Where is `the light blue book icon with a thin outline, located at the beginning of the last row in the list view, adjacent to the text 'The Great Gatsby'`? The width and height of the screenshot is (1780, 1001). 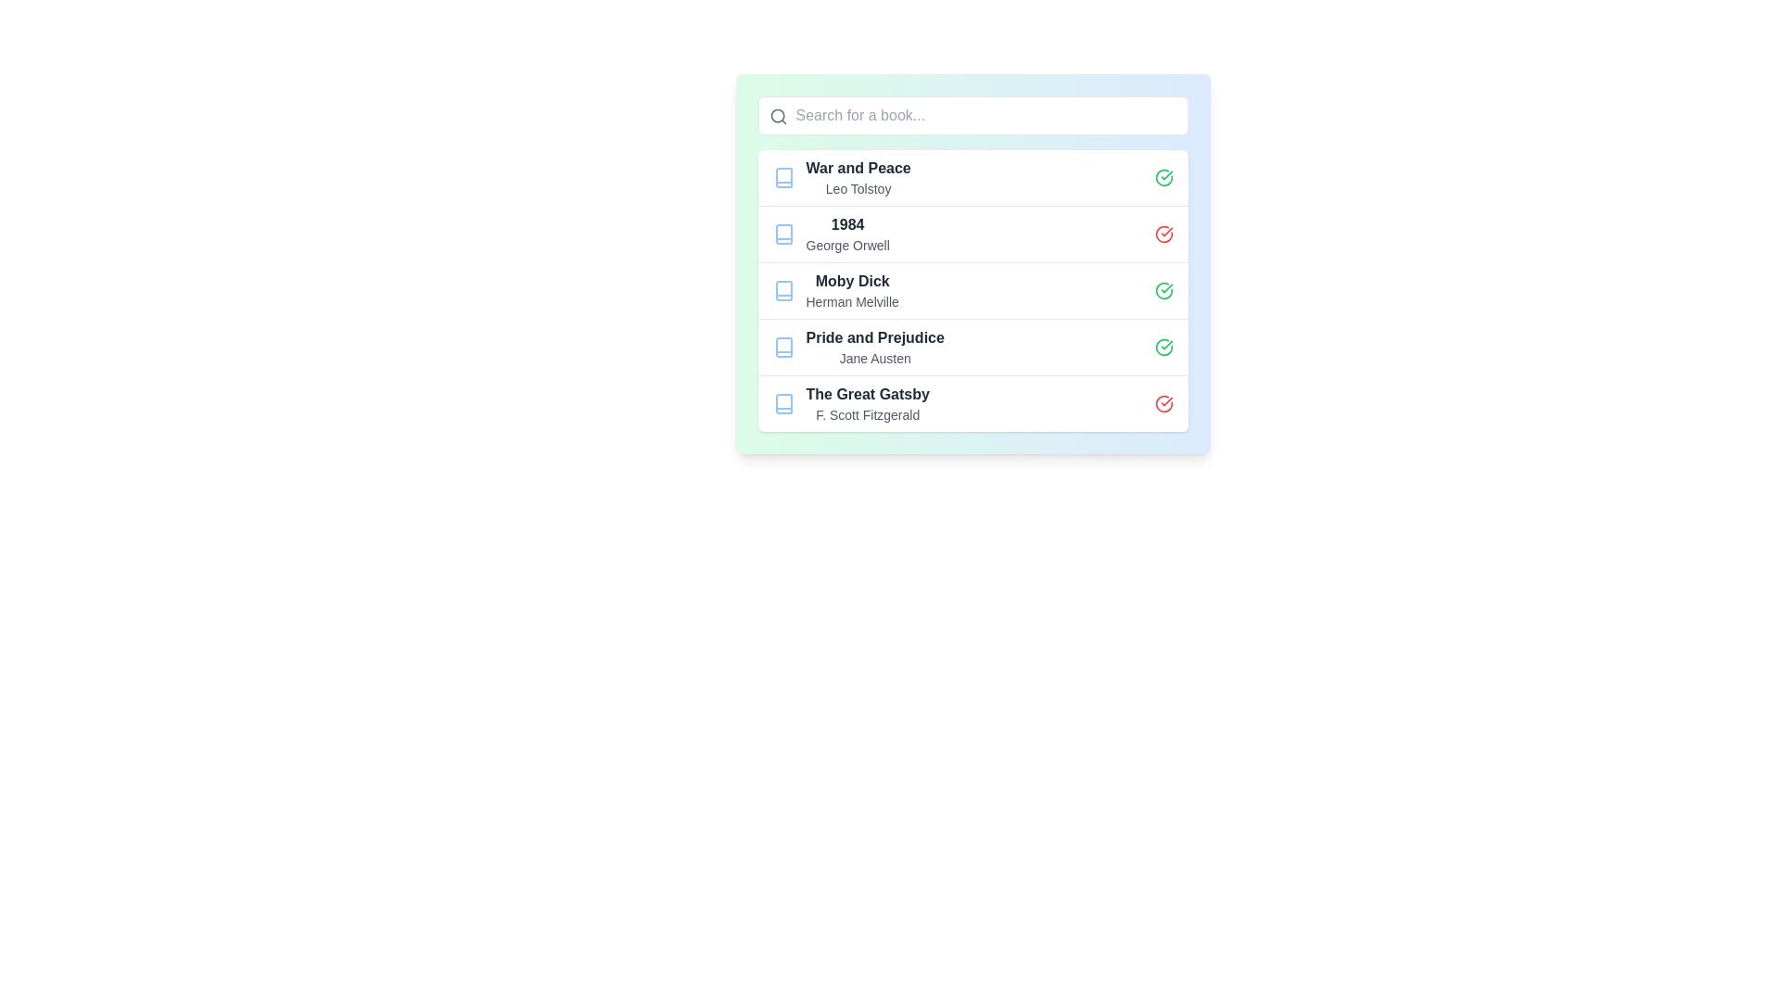
the light blue book icon with a thin outline, located at the beginning of the last row in the list view, adjacent to the text 'The Great Gatsby' is located at coordinates (783, 402).